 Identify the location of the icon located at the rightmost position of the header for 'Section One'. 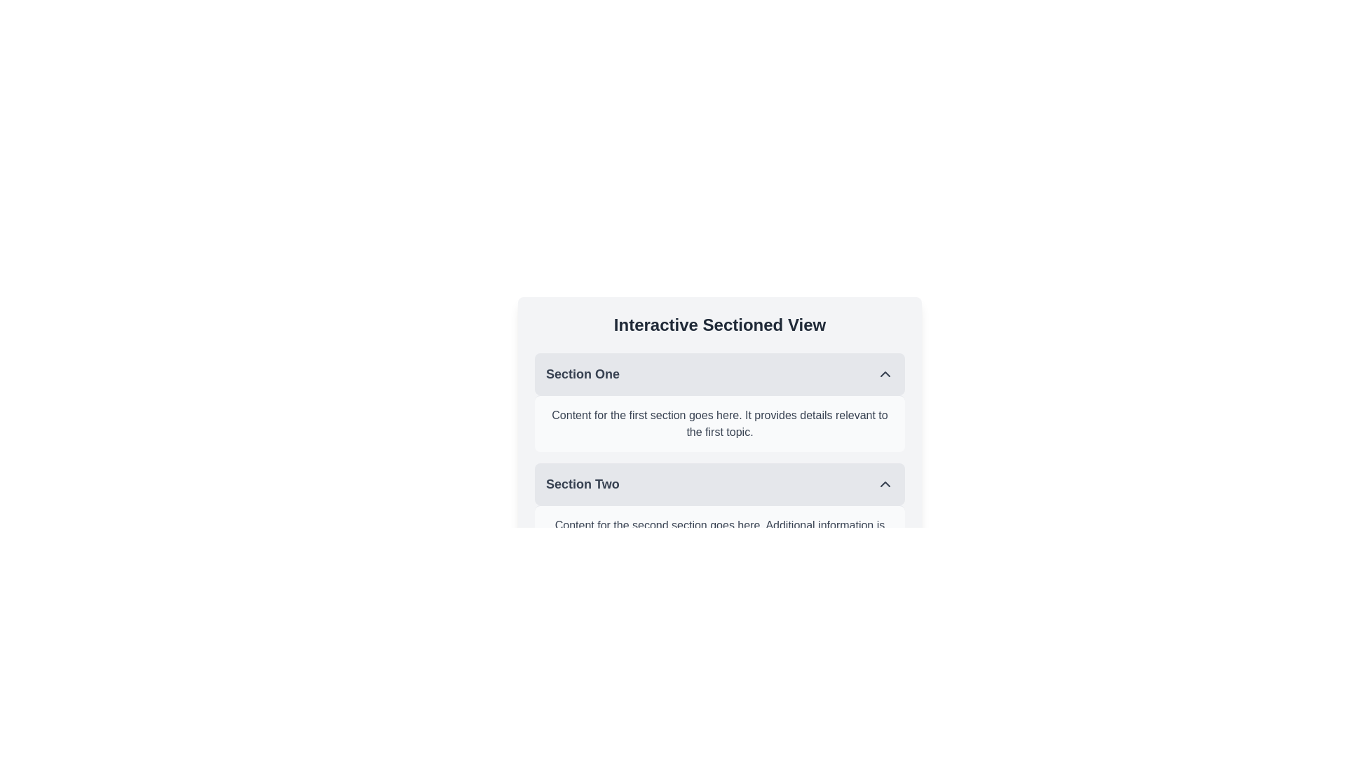
(884, 373).